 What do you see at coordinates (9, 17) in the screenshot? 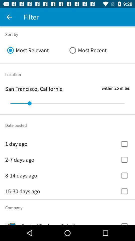
I see `item to the left of filter item` at bounding box center [9, 17].